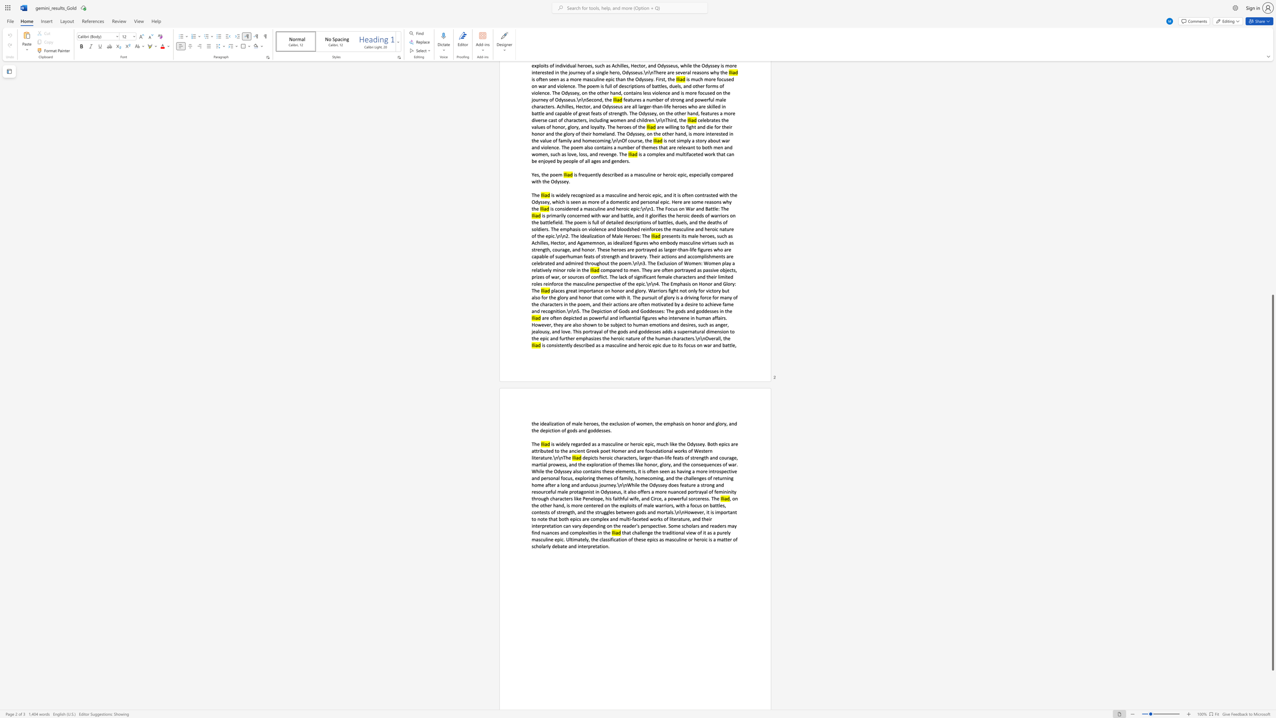  What do you see at coordinates (1272, 103) in the screenshot?
I see `the scrollbar to move the page up` at bounding box center [1272, 103].